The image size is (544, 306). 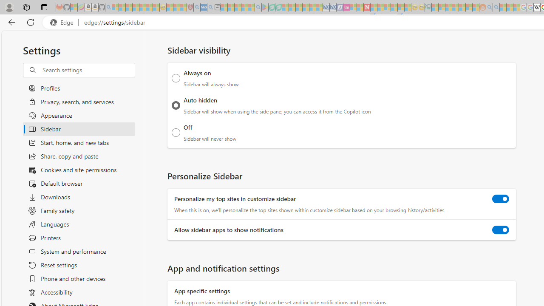 I want to click on 'Local - MSN - Sleeping', so click(x=183, y=7).